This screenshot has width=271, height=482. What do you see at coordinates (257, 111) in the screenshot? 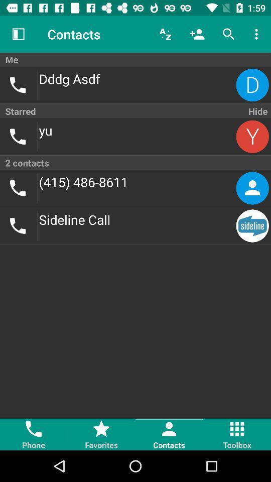
I see `icon to the right of starred icon` at bounding box center [257, 111].